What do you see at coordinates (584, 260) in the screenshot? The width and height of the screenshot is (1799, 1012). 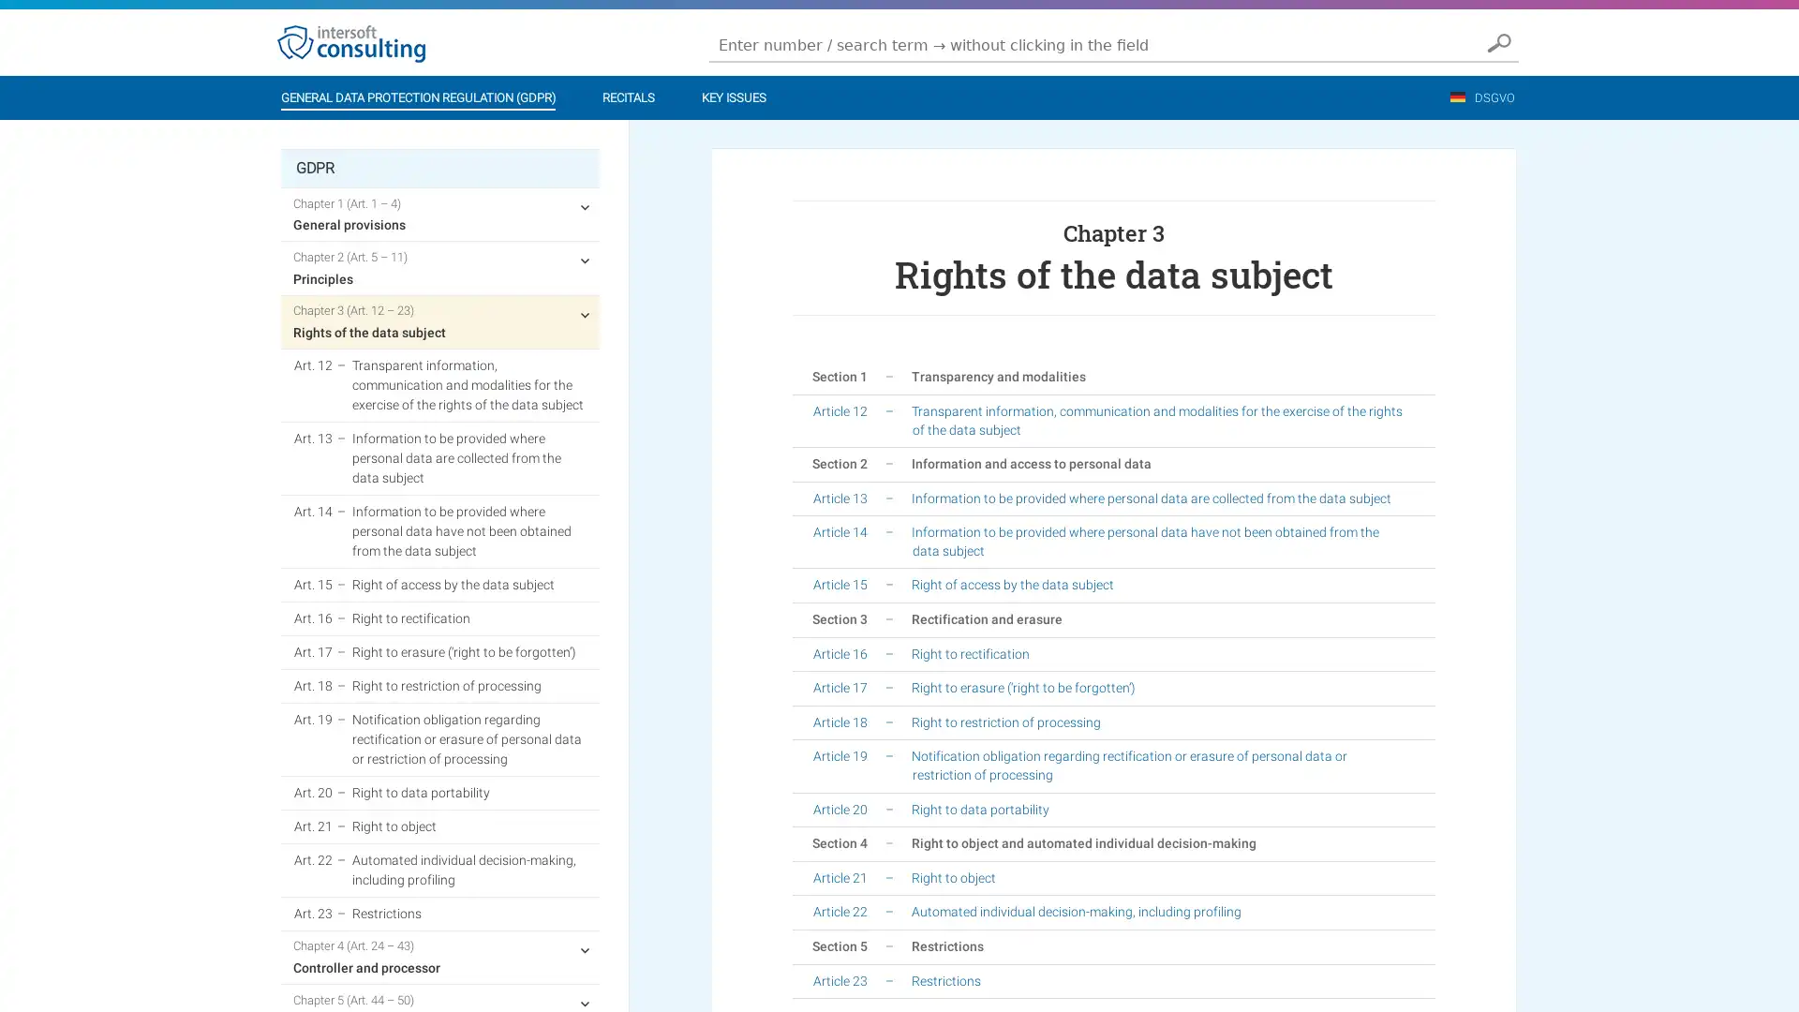 I see `expand child menu` at bounding box center [584, 260].